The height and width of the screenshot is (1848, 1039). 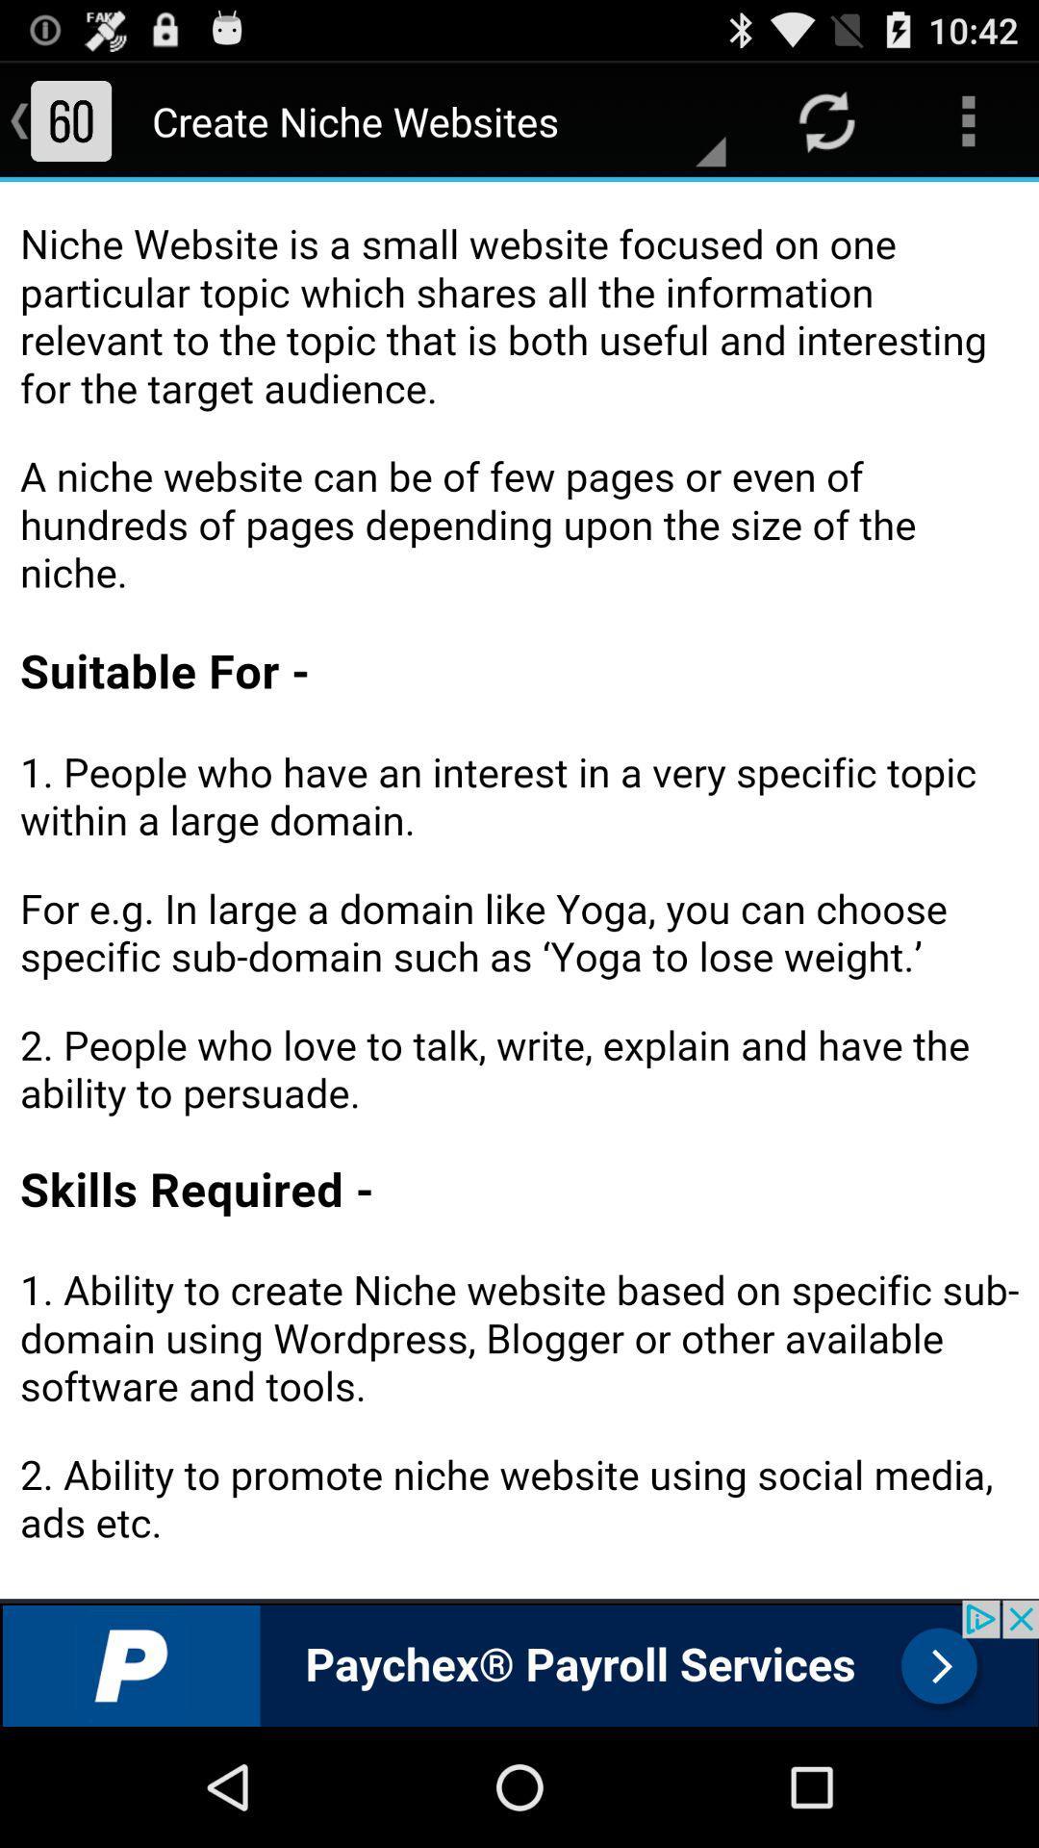 I want to click on advert, so click(x=519, y=1662).